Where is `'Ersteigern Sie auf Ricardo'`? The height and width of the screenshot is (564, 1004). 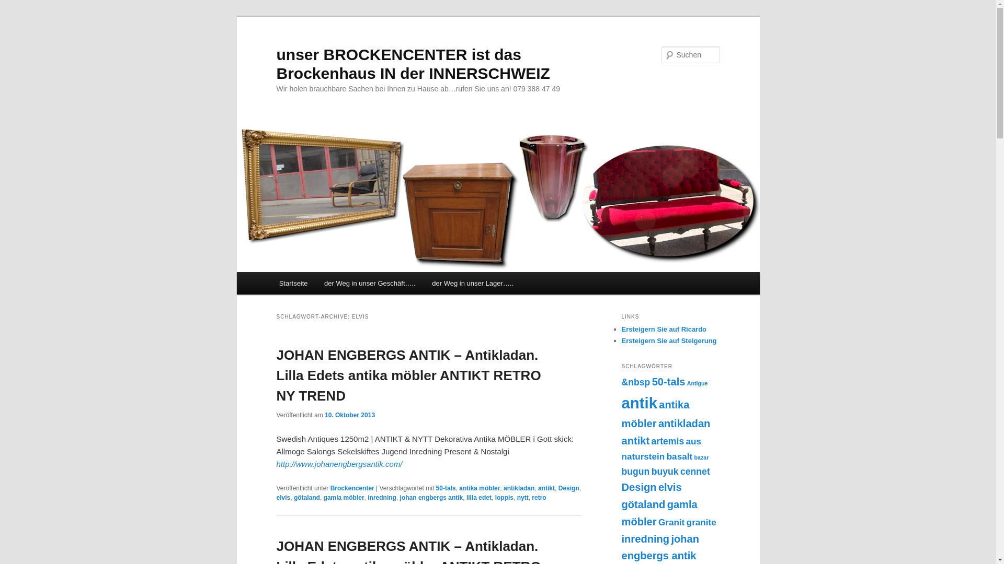 'Ersteigern Sie auf Ricardo' is located at coordinates (663, 329).